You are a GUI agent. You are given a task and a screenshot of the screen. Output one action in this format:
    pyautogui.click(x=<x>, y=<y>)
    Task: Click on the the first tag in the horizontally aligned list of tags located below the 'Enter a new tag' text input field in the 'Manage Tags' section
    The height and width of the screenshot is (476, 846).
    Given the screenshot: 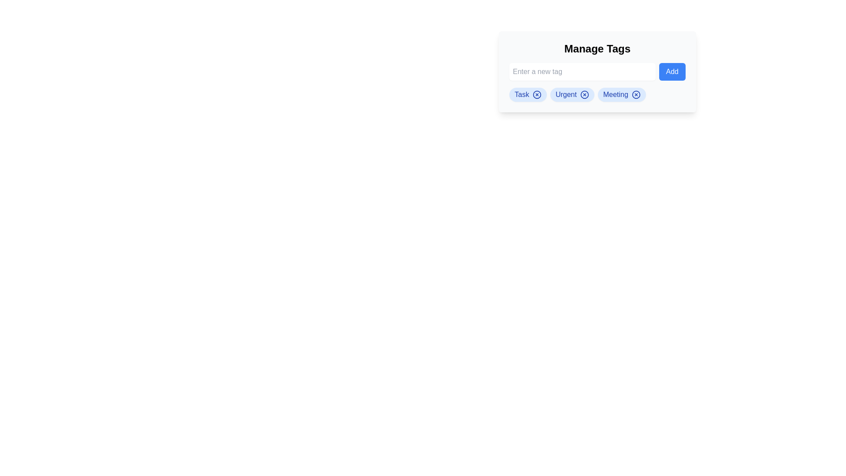 What is the action you would take?
    pyautogui.click(x=528, y=95)
    